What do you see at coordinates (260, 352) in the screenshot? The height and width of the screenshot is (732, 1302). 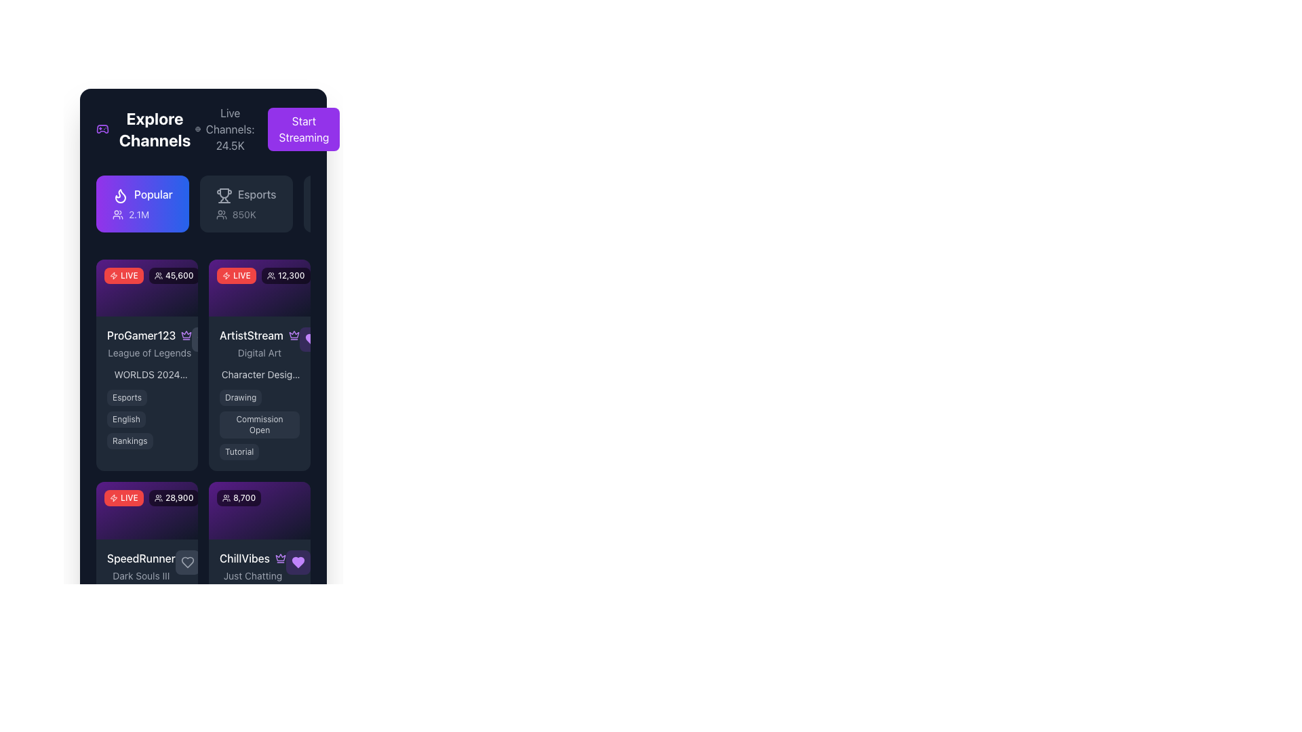 I see `the genre label text element located below the 'ArtistStream' title in the second column of the content card` at bounding box center [260, 352].